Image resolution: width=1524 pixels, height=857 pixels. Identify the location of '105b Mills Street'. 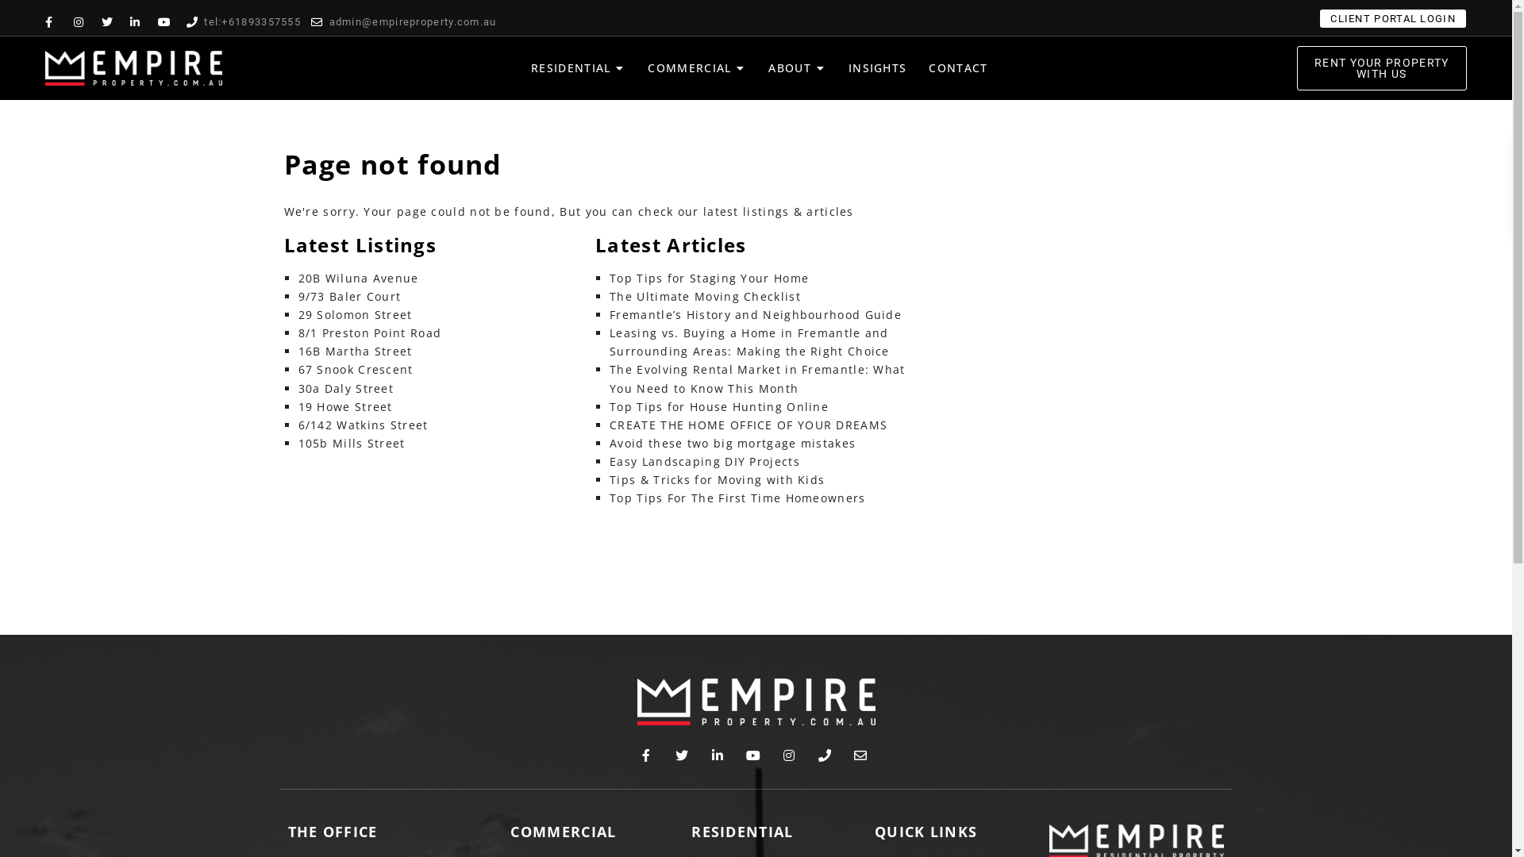
(351, 443).